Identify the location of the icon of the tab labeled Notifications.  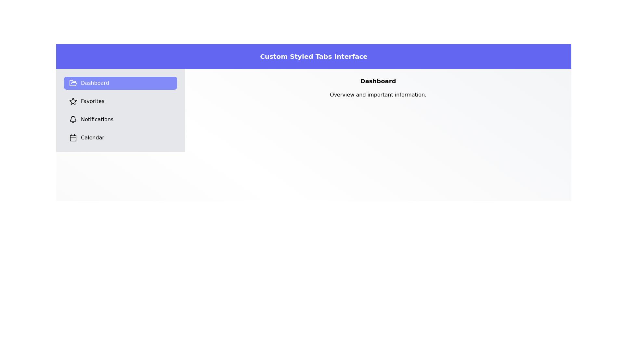
(73, 119).